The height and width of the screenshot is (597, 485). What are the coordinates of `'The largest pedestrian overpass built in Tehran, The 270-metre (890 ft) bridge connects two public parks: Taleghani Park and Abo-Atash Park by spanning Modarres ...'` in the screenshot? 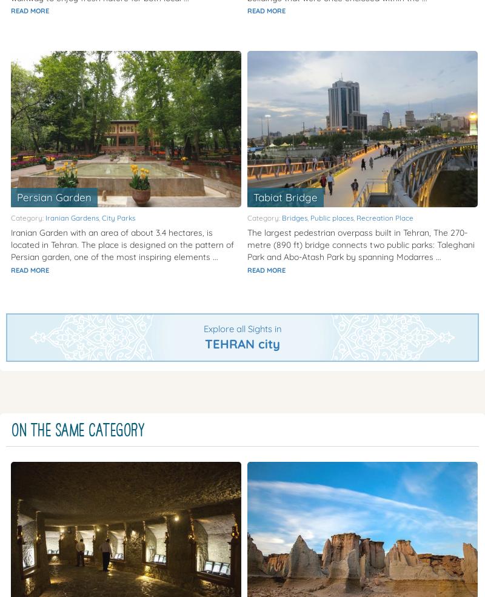 It's located at (360, 244).